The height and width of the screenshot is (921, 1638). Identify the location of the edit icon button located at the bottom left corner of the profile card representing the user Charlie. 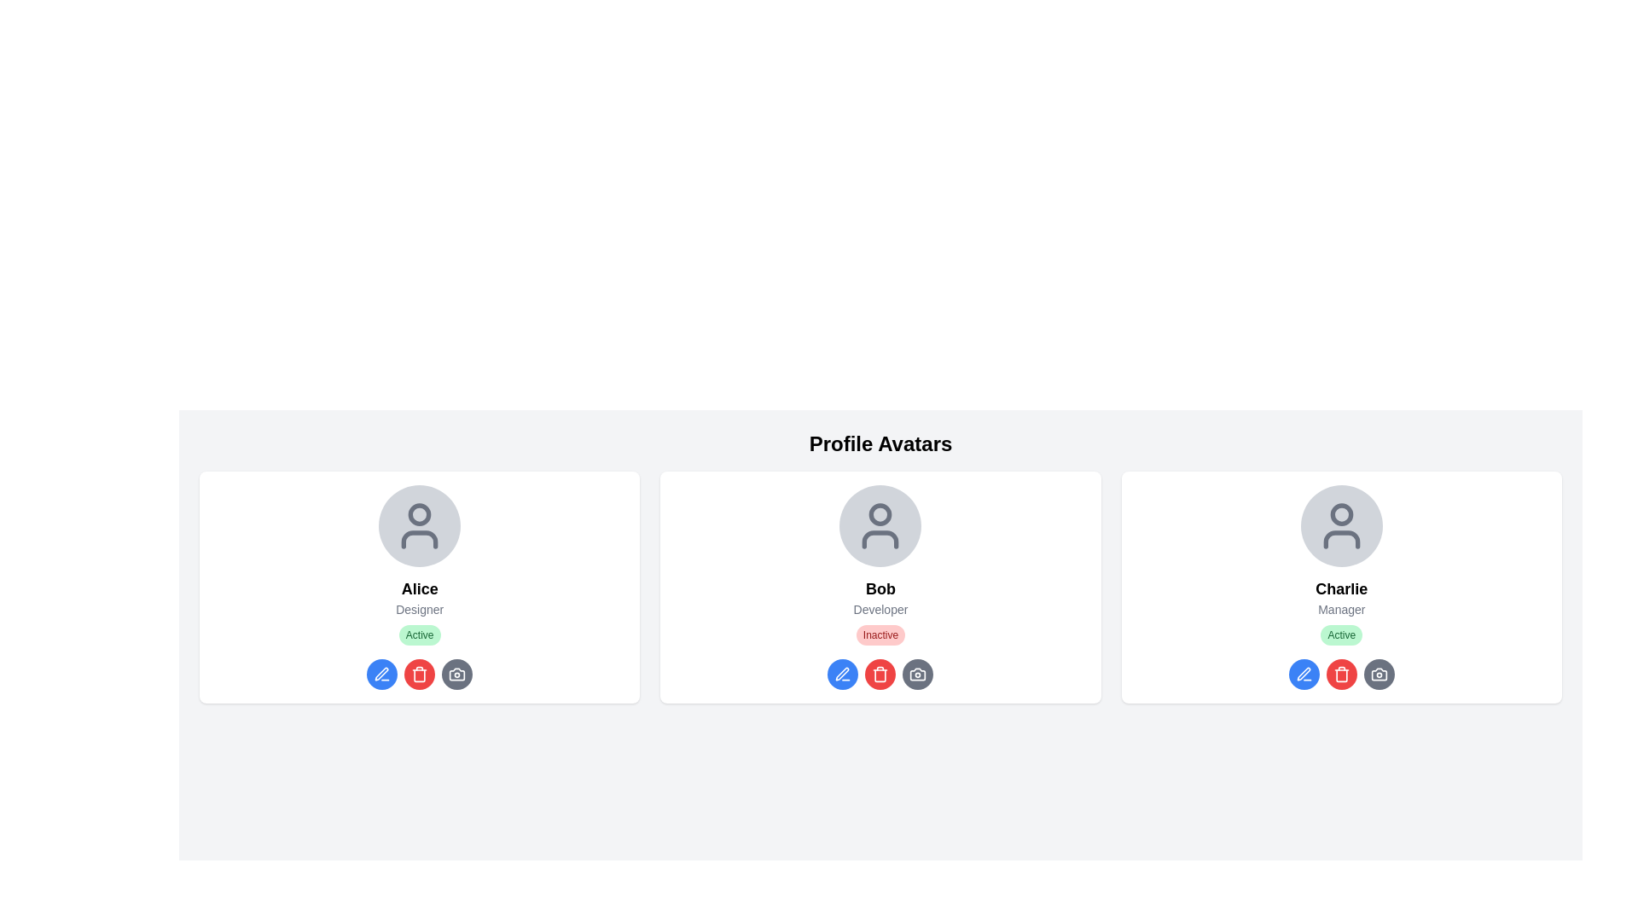
(1303, 673).